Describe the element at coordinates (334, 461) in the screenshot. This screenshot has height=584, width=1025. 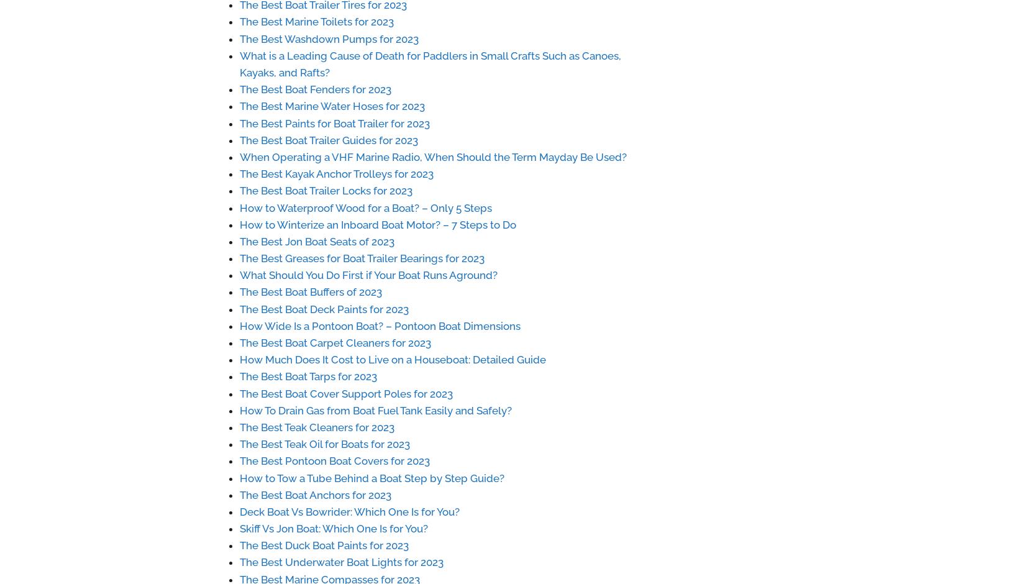
I see `'The Best Pontoon Boat Covers for 2023'` at that location.